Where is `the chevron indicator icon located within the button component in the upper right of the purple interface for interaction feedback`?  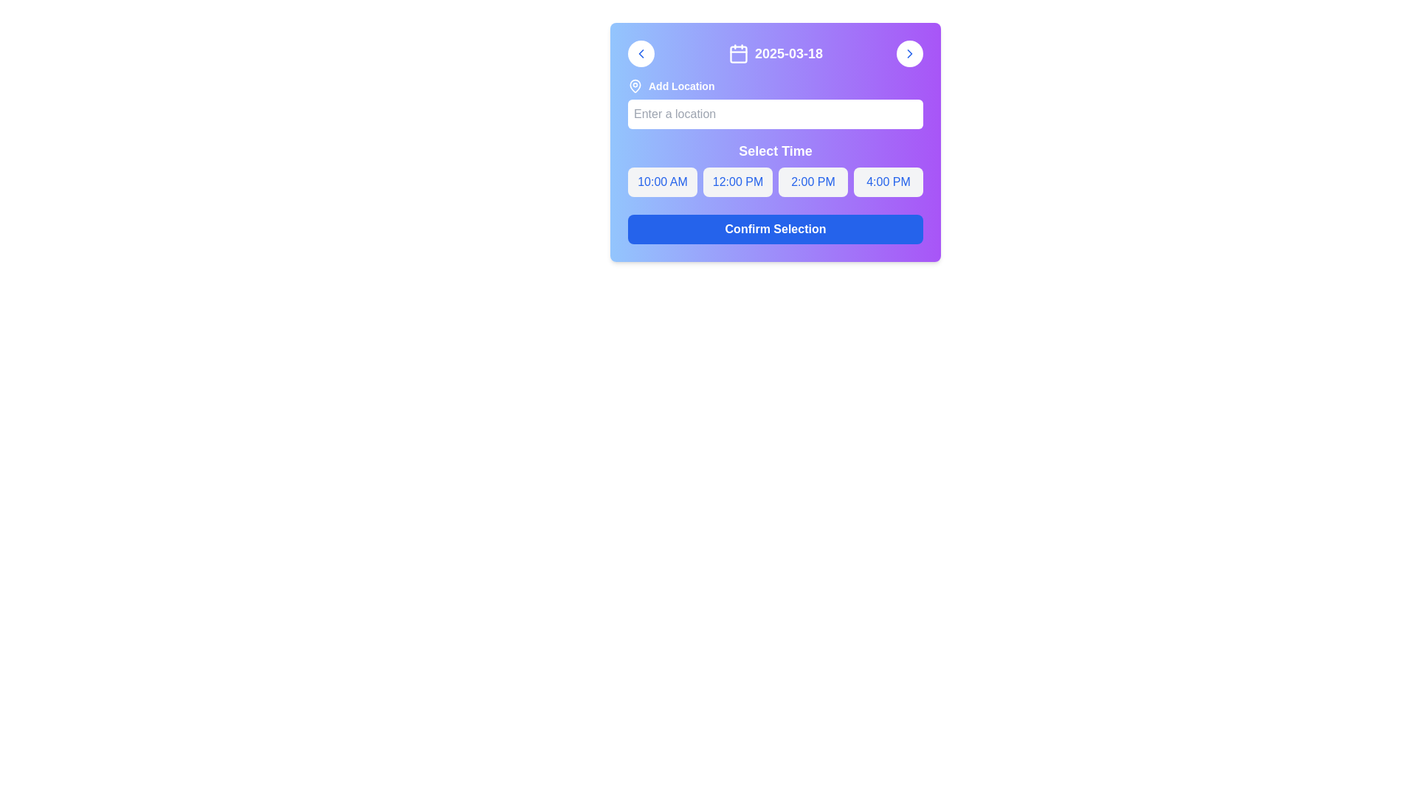
the chevron indicator icon located within the button component in the upper right of the purple interface for interaction feedback is located at coordinates (909, 53).